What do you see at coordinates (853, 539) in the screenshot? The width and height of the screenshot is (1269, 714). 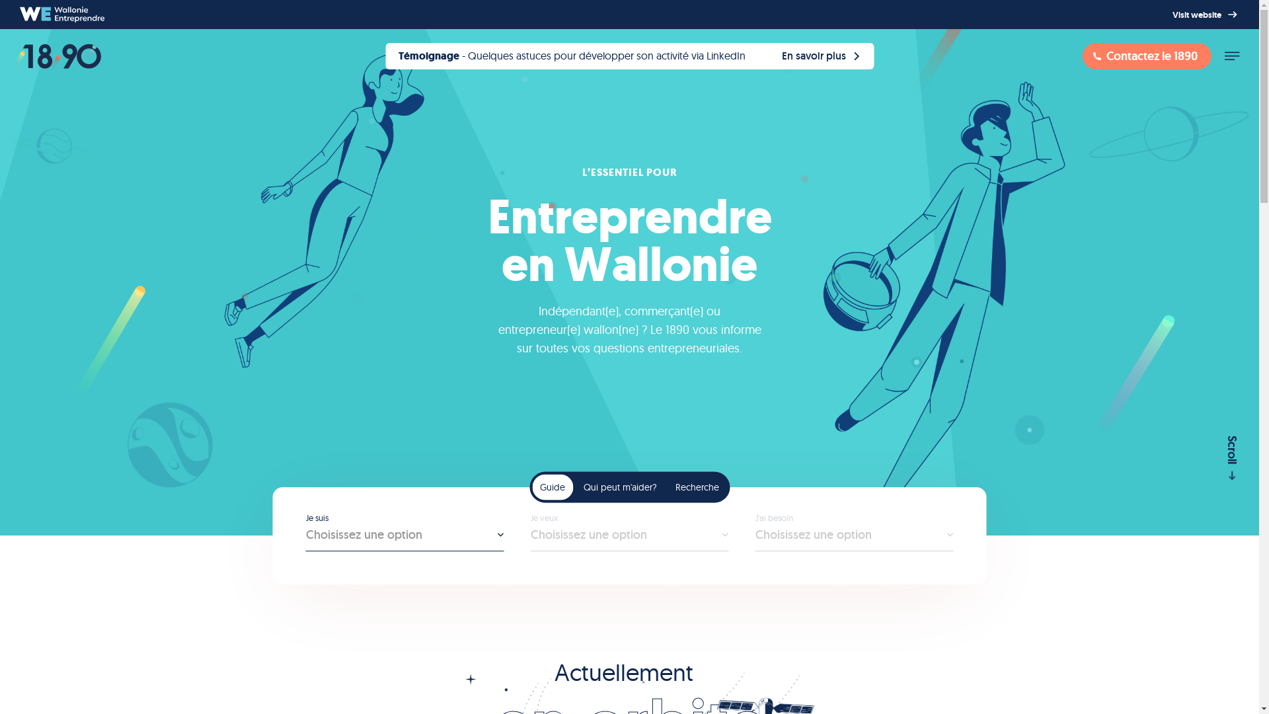 I see `'Choisissez une option'` at bounding box center [853, 539].